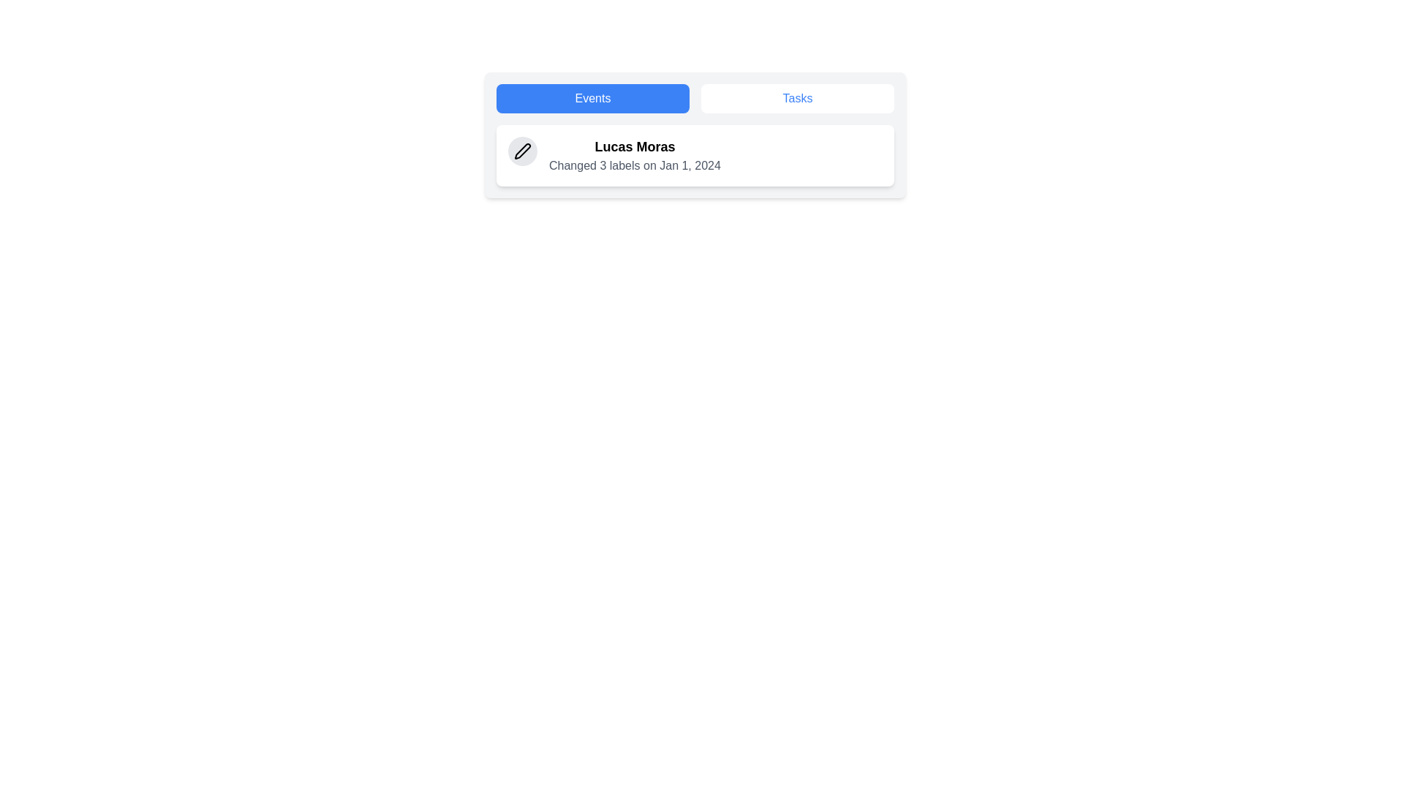 This screenshot has width=1404, height=790. I want to click on the pen icon located inside a circular background to the left of 'Lucas Moras' text within the user activity card, so click(523, 151).